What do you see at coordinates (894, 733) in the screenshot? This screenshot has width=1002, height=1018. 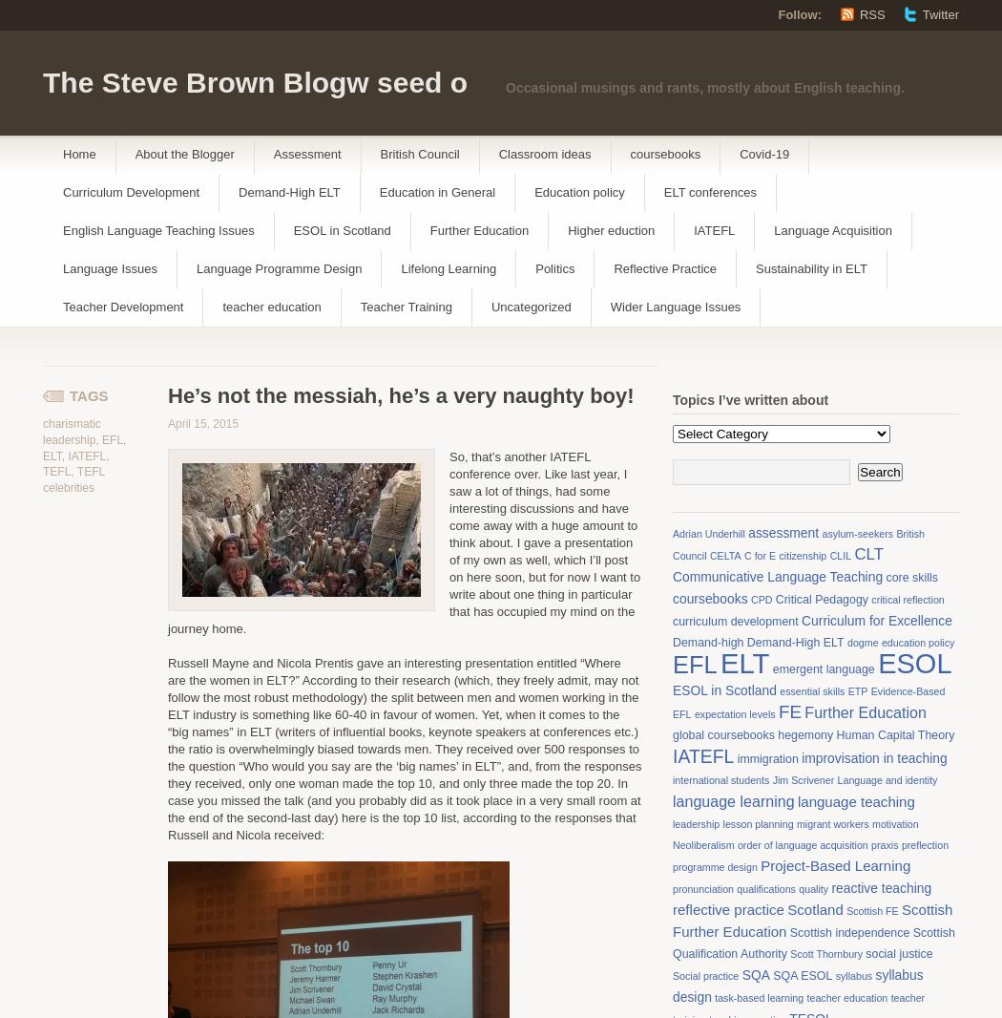 I see `'Human Capital Theory'` at bounding box center [894, 733].